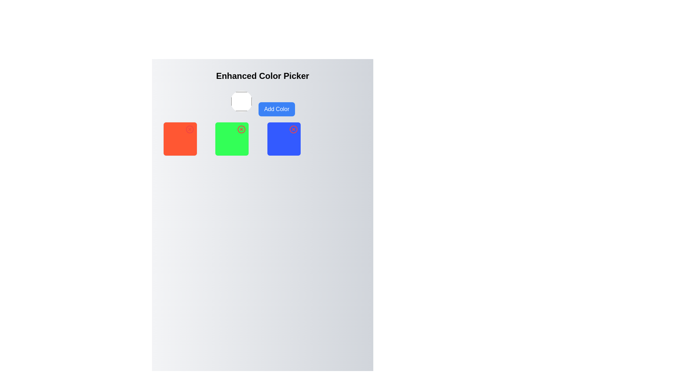 Image resolution: width=680 pixels, height=382 pixels. What do you see at coordinates (262, 76) in the screenshot?
I see `the 'Enhanced Color Picker' text display` at bounding box center [262, 76].